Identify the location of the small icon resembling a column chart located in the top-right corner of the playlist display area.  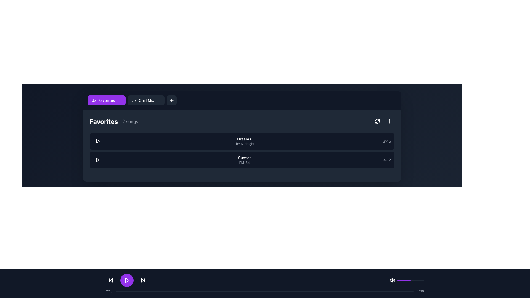
(389, 121).